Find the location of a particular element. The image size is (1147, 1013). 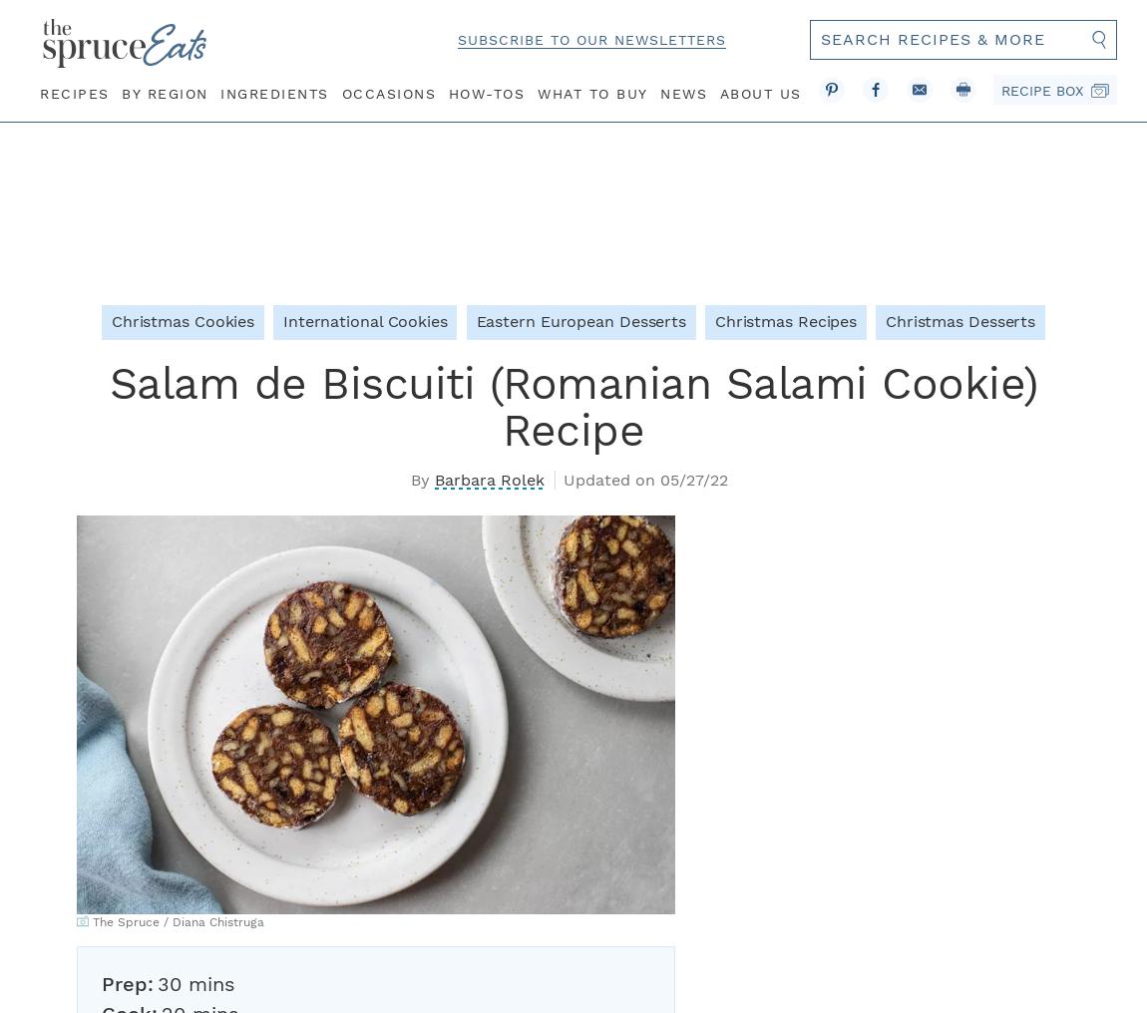

'Ingredients' is located at coordinates (272, 92).